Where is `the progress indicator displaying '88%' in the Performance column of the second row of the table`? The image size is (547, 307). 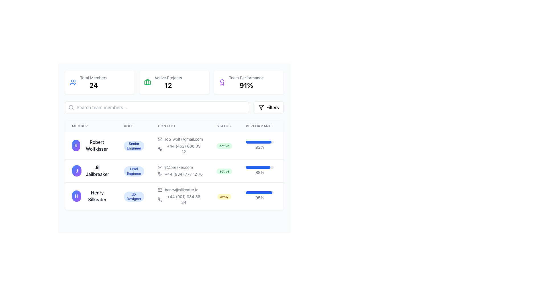
the progress indicator displaying '88%' in the Performance column of the second row of the table is located at coordinates (260, 171).